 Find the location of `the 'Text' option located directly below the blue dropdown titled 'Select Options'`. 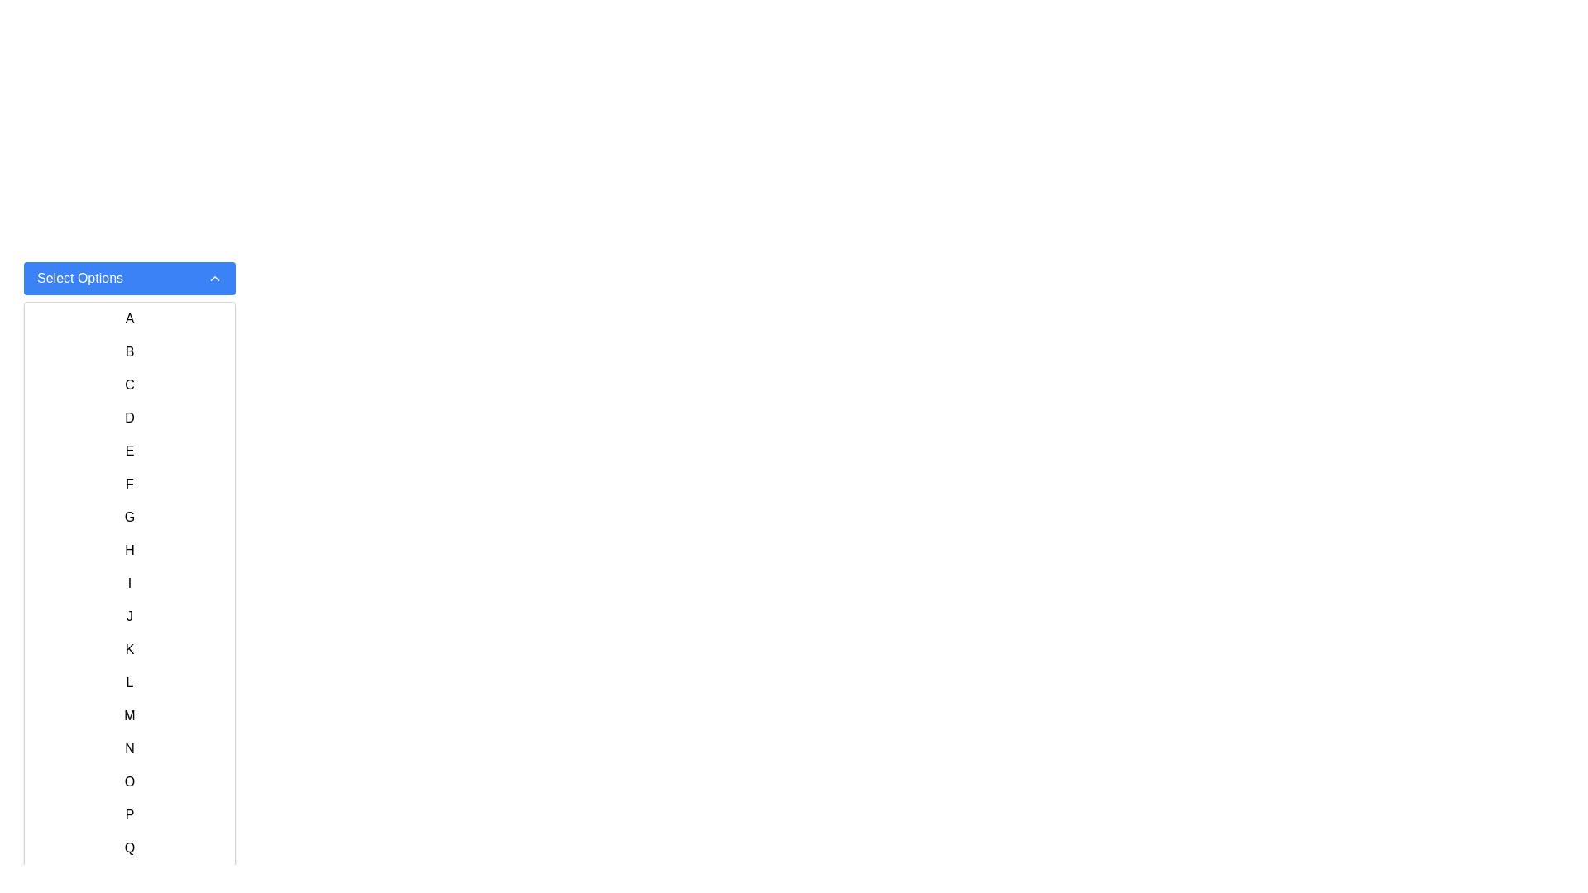

the 'Text' option located directly below the blue dropdown titled 'Select Options' is located at coordinates (129, 318).